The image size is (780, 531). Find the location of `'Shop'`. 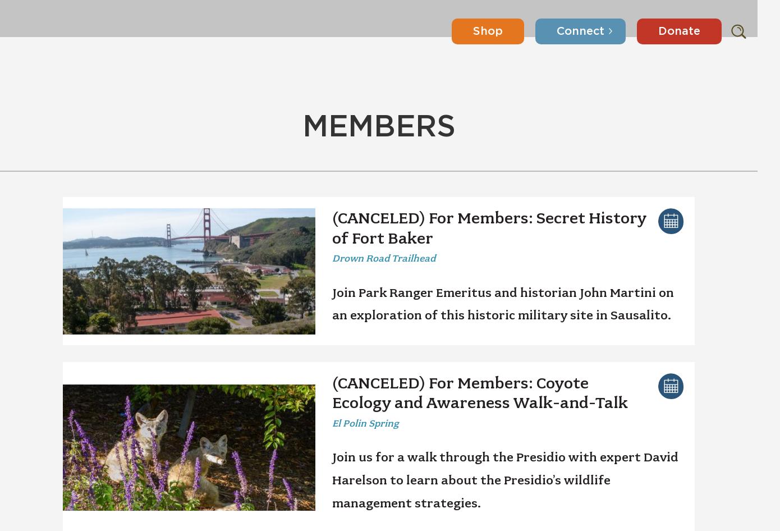

'Shop' is located at coordinates (473, 19).